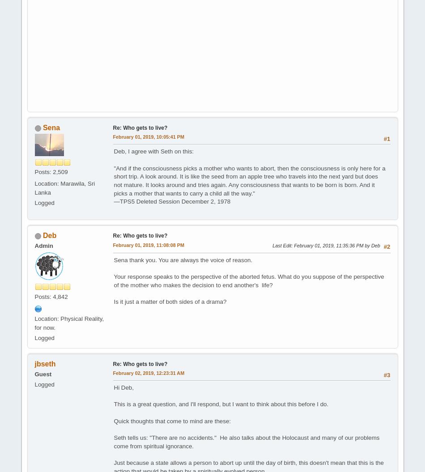  Describe the element at coordinates (64, 187) in the screenshot. I see `'Location: Marawila, Sri Lanka'` at that location.